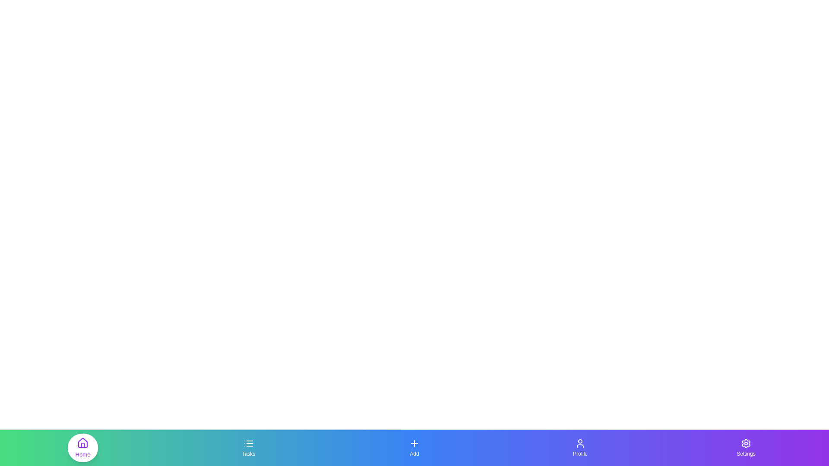  Describe the element at coordinates (580, 453) in the screenshot. I see `the text label Profile under the respective icon in the bottom navigation` at that location.